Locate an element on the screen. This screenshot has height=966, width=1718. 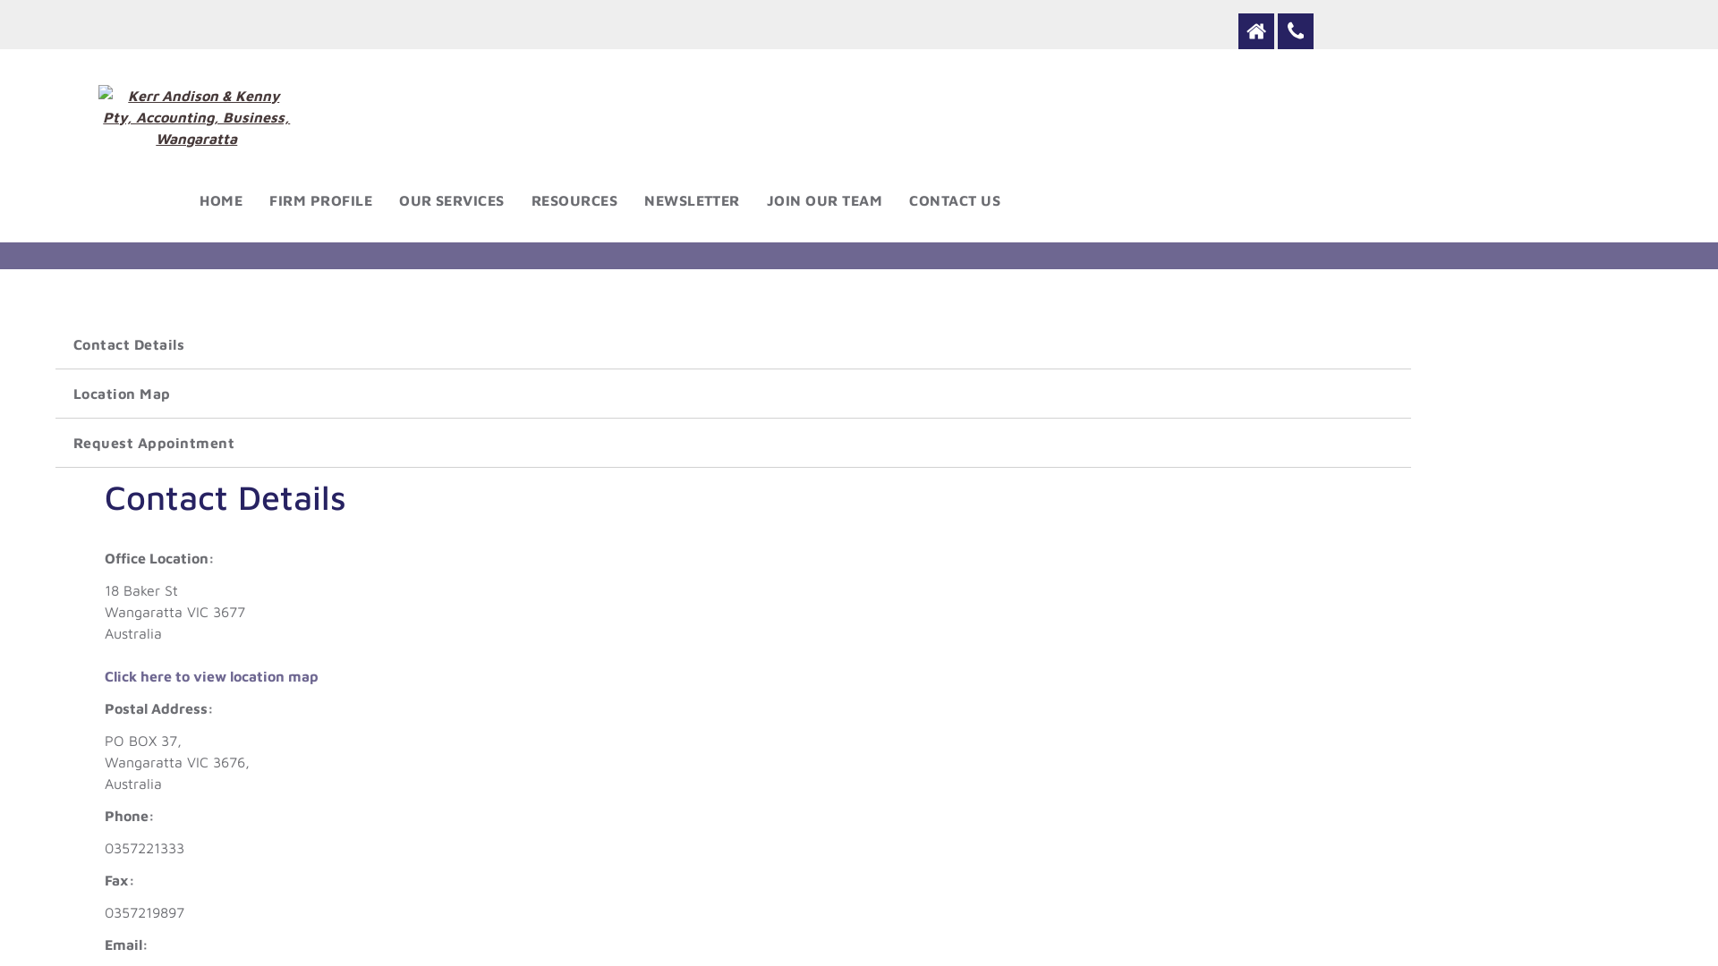
'Contact Details' is located at coordinates (733, 344).